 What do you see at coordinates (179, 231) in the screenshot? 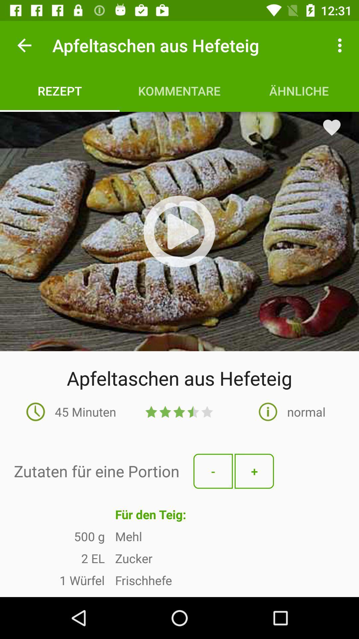
I see `the video` at bounding box center [179, 231].